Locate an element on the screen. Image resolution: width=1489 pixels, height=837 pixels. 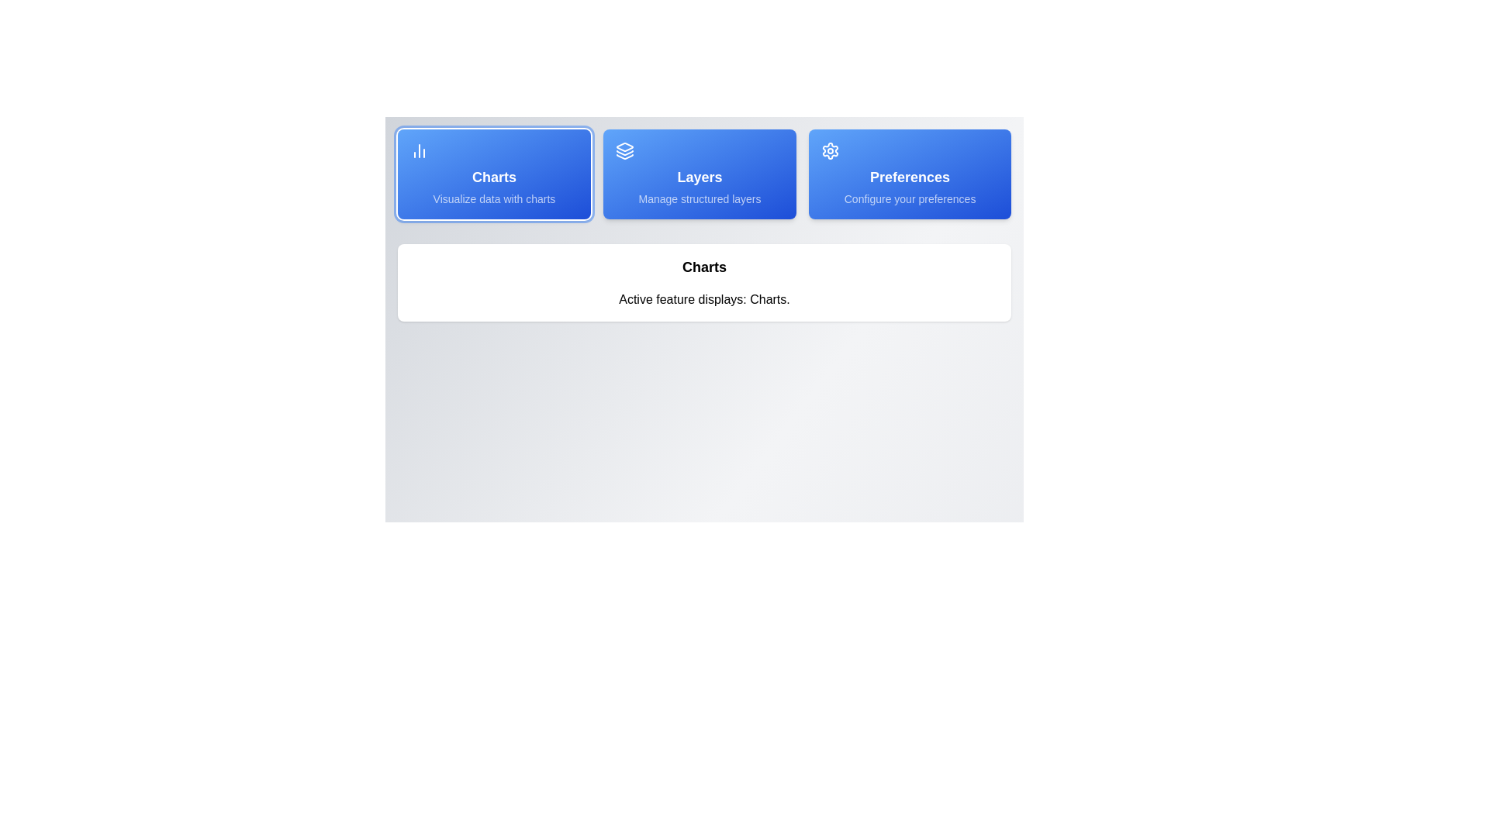
descriptive text 'Manage structured layers' displayed in light blue against a vibrant blue background, located beneath the title 'Layers' within the card labeled 'Layers' is located at coordinates (699, 198).